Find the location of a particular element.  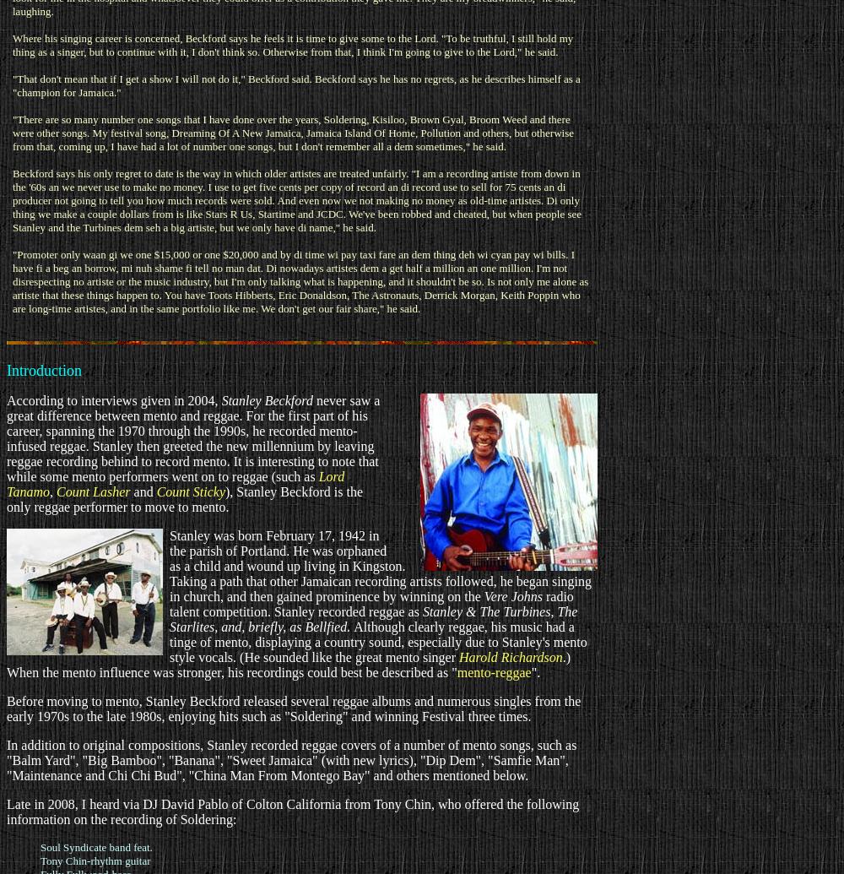

'never saw a great difference between 
		mento and reggae. For the first part of his career, spanning the 1970 
		through the 1990s, he recorded mento-infused reggae. Stanley then 
		greeted the new millennium by leaving reggae recording behind to 
		record mento. It is interesting to note that while some mento performers 
		went on to reggae (such as' is located at coordinates (192, 437).